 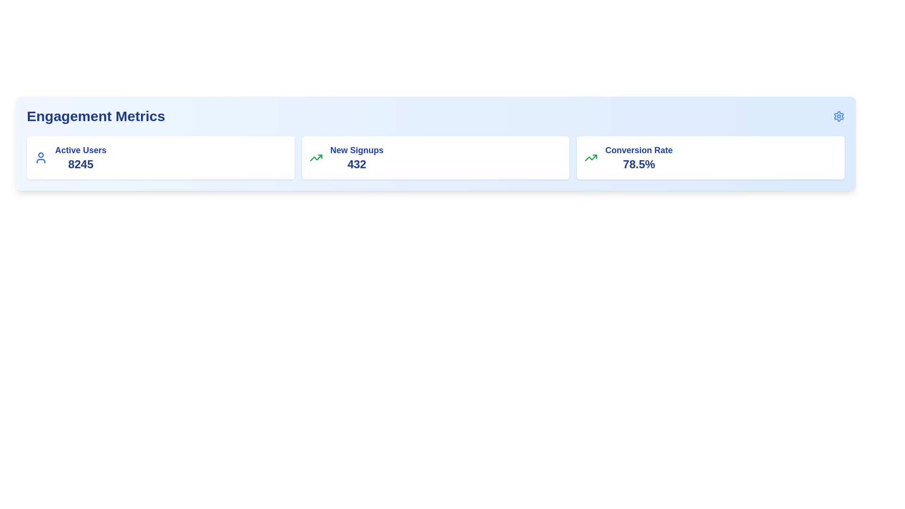 What do you see at coordinates (356, 157) in the screenshot?
I see `the 'New Signups' element, which displays the current count of 432` at bounding box center [356, 157].